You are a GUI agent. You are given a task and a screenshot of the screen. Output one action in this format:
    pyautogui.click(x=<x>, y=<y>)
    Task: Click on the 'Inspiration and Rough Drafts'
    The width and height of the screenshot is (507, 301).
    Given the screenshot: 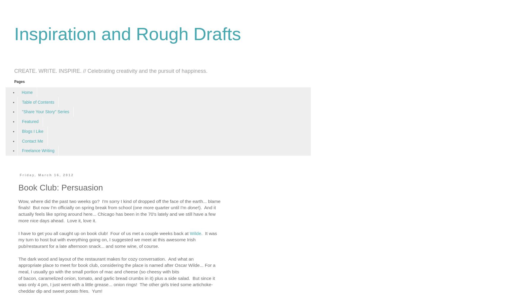 What is the action you would take?
    pyautogui.click(x=14, y=34)
    